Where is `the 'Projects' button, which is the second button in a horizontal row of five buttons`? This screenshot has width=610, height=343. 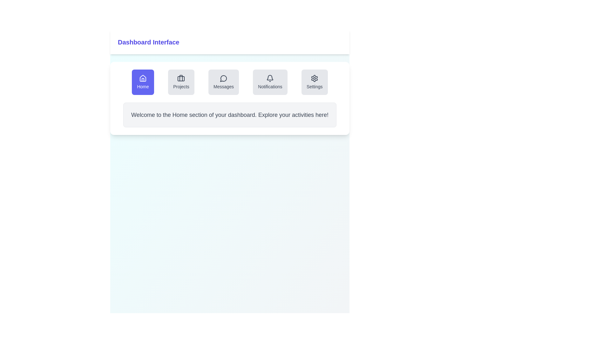
the 'Projects' button, which is the second button in a horizontal row of five buttons is located at coordinates (181, 82).